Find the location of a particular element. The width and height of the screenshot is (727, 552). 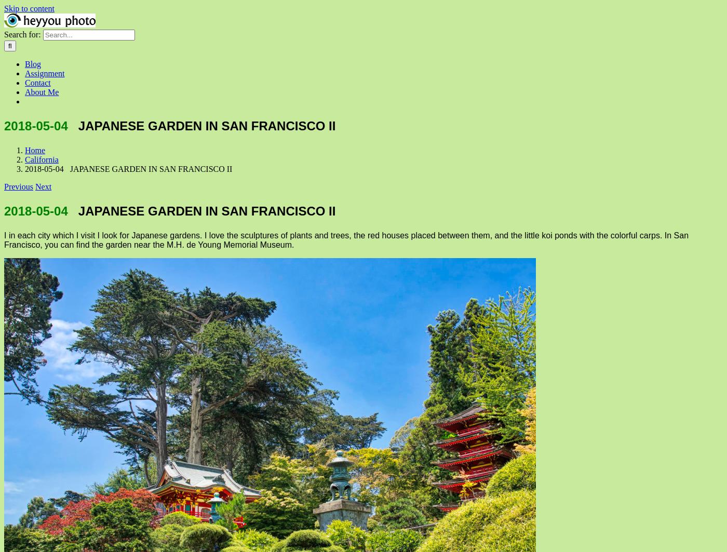

'I in each city which I visit I look for Japanese gardens. I love the sculptures of plants and trees, the red houses placed between them, and the little koi ponds with the colorful carps. In San Francisco, you can find the garden near the M.H. de Young Memorial Museum.' is located at coordinates (346, 240).